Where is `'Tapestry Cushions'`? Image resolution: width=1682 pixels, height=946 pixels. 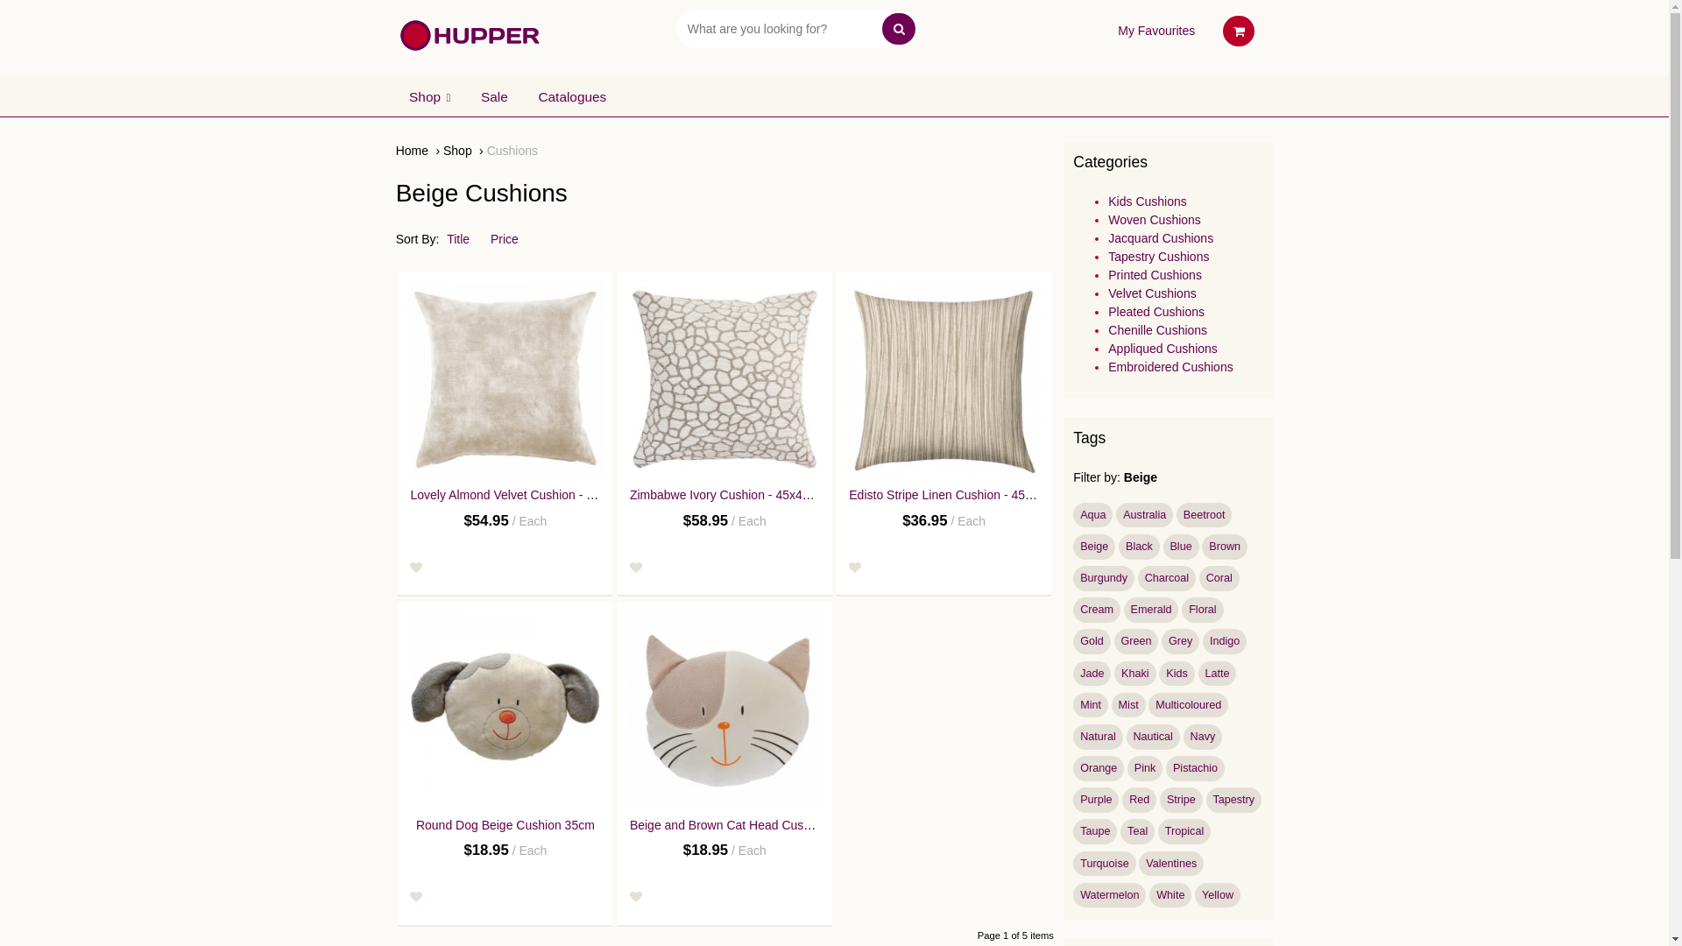
'Tapestry Cushions' is located at coordinates (1158, 257).